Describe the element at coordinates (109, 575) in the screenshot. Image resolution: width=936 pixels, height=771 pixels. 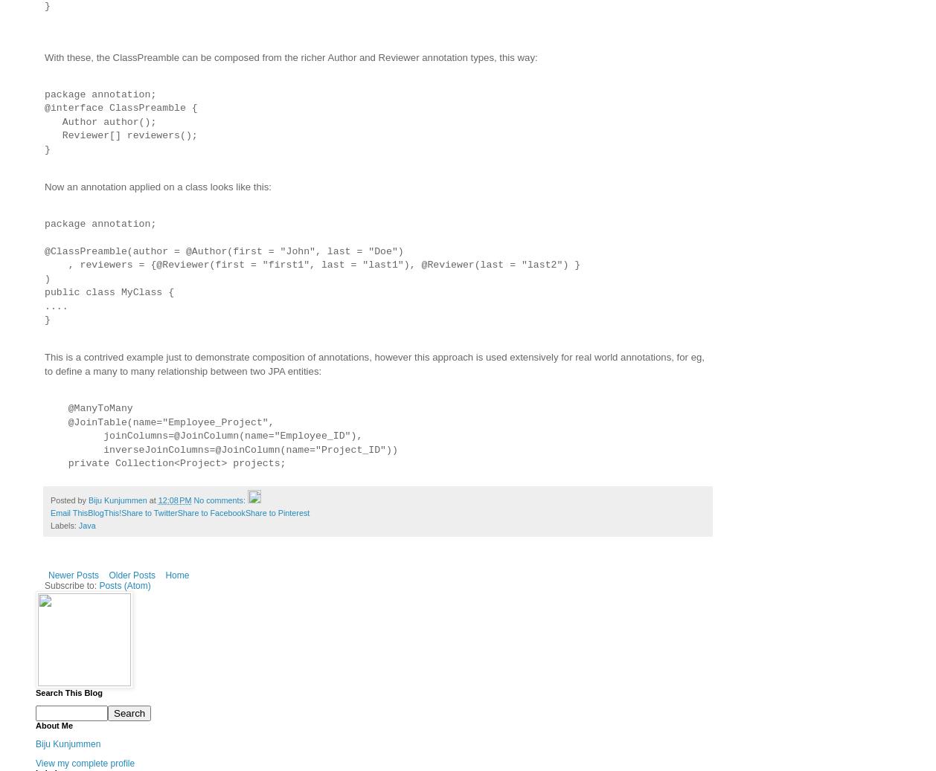
I see `'Older Posts'` at that location.